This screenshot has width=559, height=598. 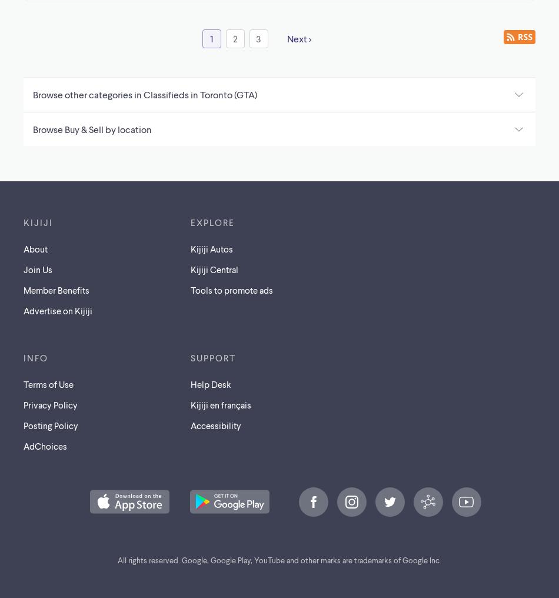 What do you see at coordinates (144, 93) in the screenshot?
I see `'Browse other categories in Classifieds in Toronto (GTA)'` at bounding box center [144, 93].